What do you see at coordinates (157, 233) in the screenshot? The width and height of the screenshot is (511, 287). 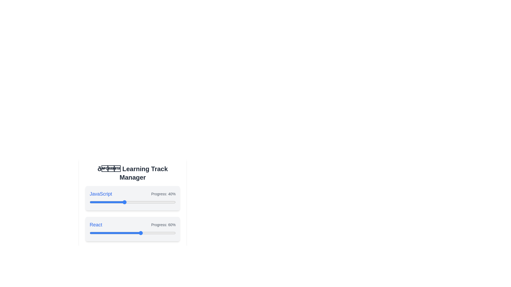 I see `the progress value` at bounding box center [157, 233].